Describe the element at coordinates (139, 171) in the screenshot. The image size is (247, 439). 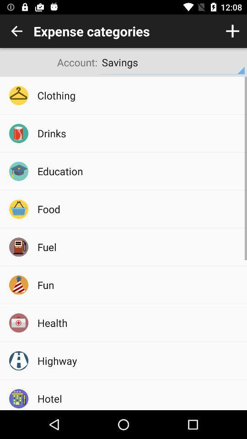
I see `the icon above the food item` at that location.